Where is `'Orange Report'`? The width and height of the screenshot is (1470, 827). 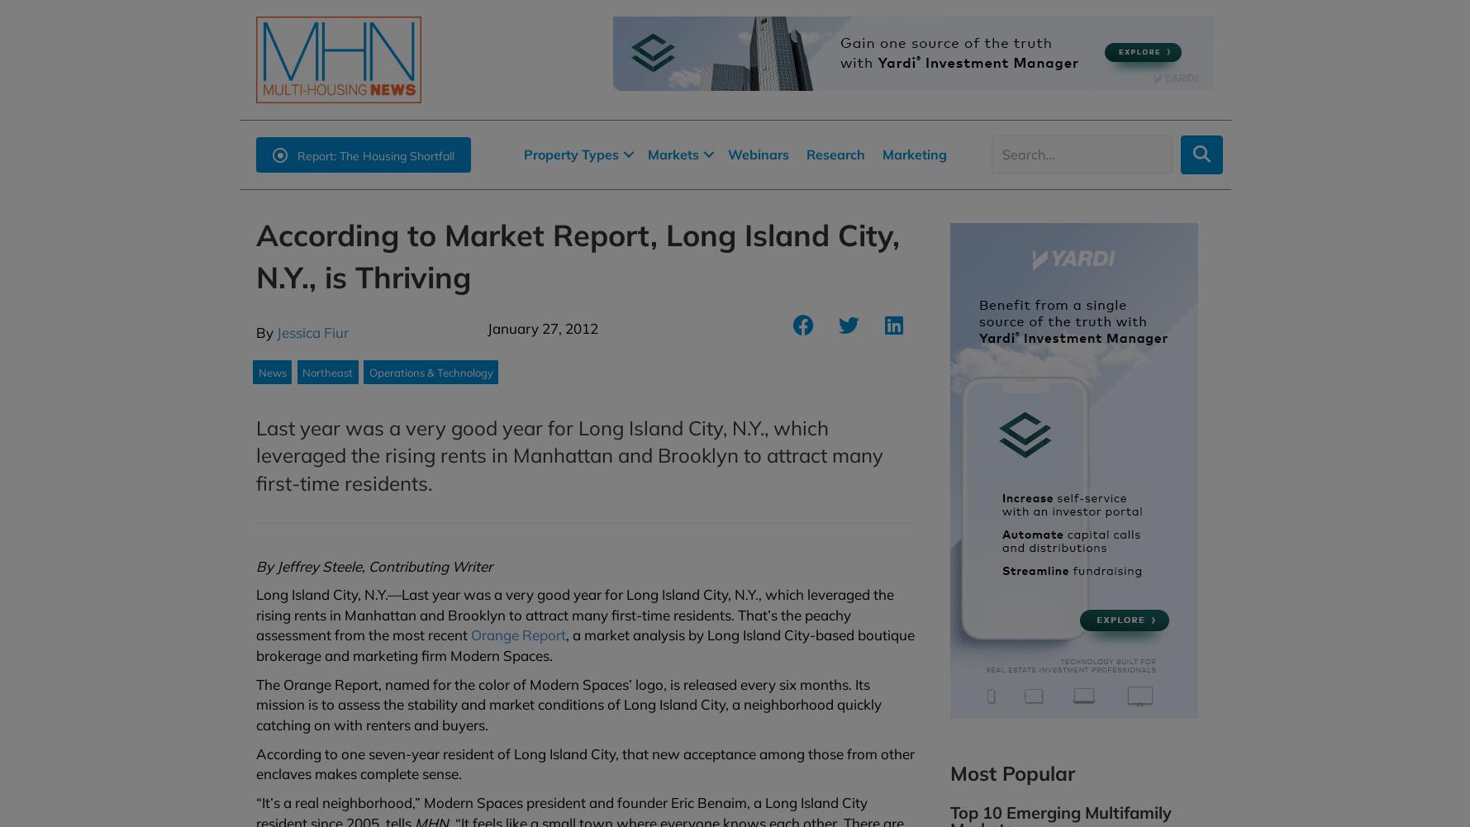
'Orange Report' is located at coordinates (516, 635).